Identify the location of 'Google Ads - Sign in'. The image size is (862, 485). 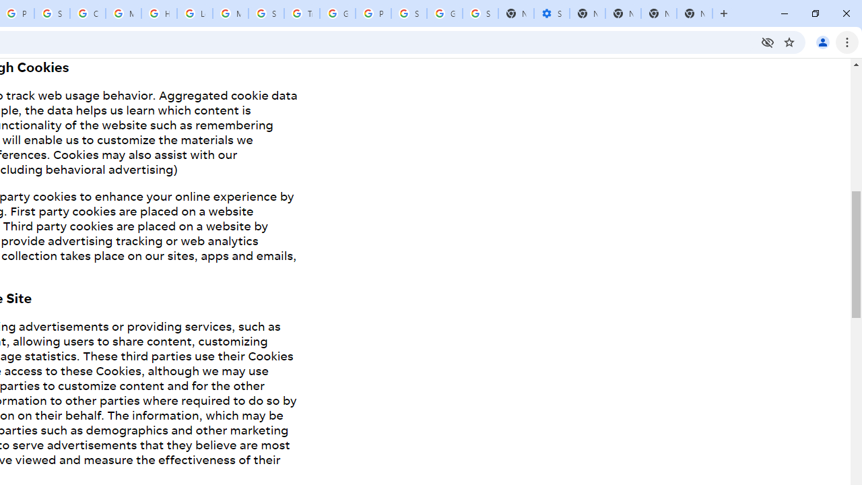
(337, 13).